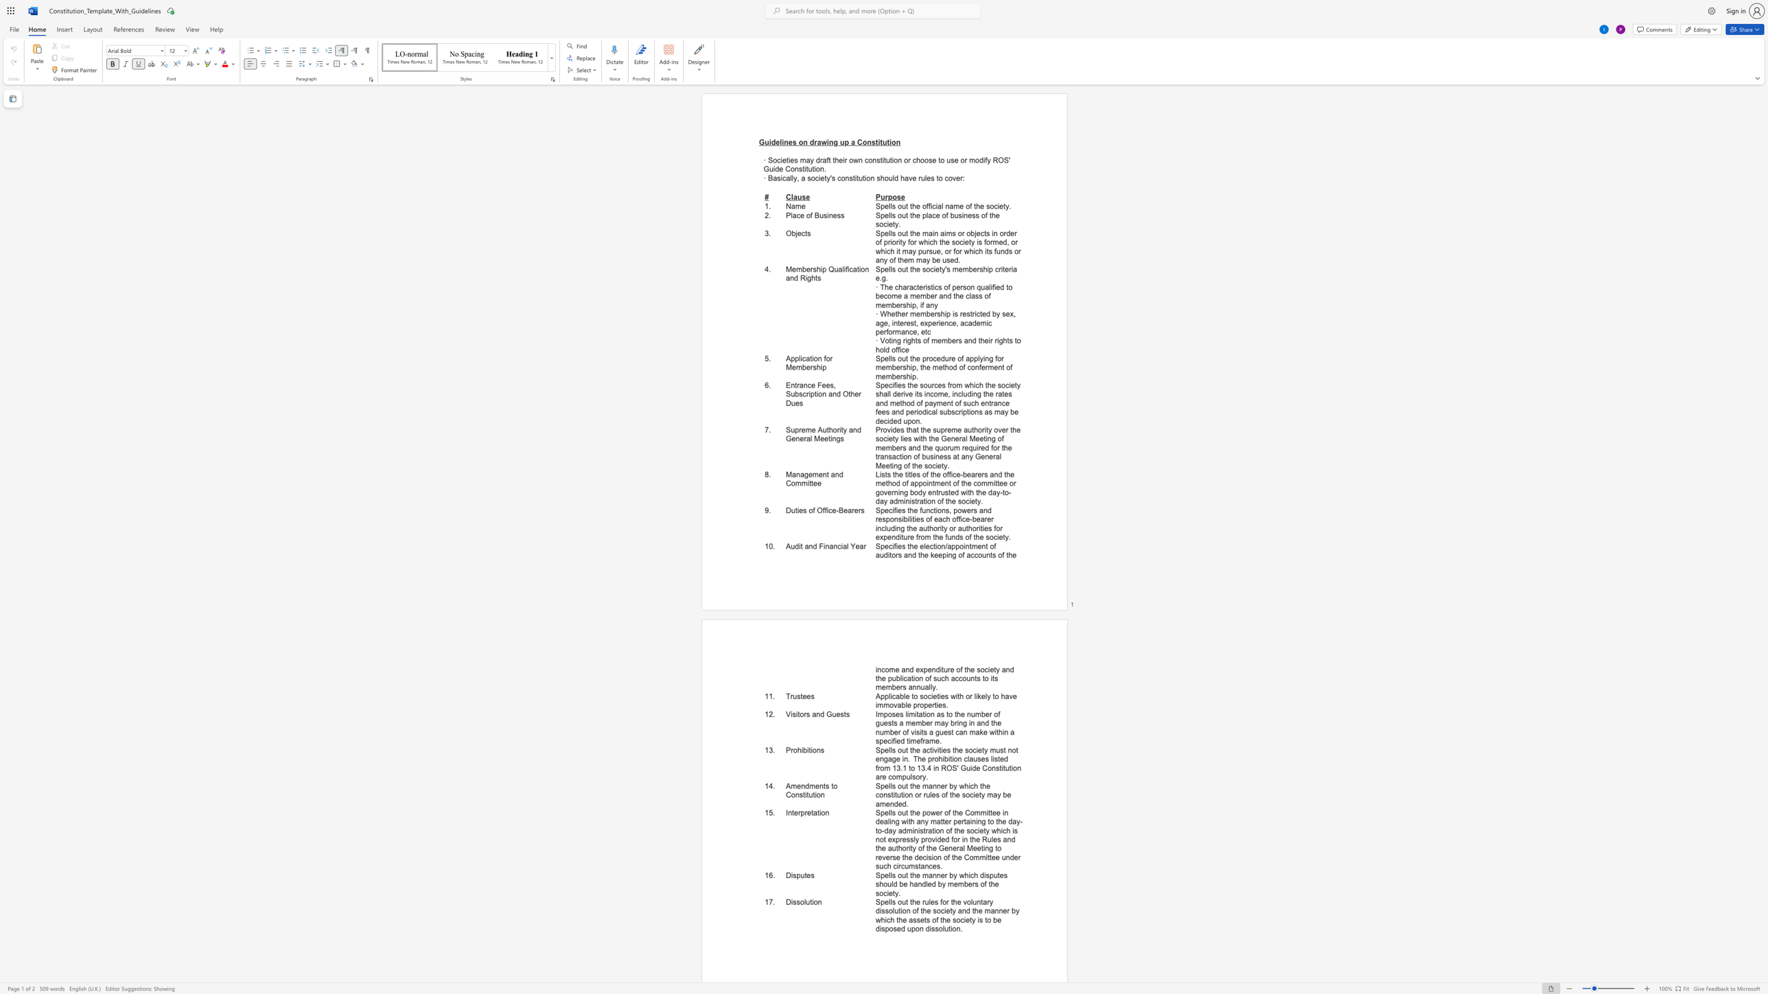  I want to click on the subset text "he society" within the text "Spells out the manner by which the constitution or rules of the society may be amended.", so click(951, 794).